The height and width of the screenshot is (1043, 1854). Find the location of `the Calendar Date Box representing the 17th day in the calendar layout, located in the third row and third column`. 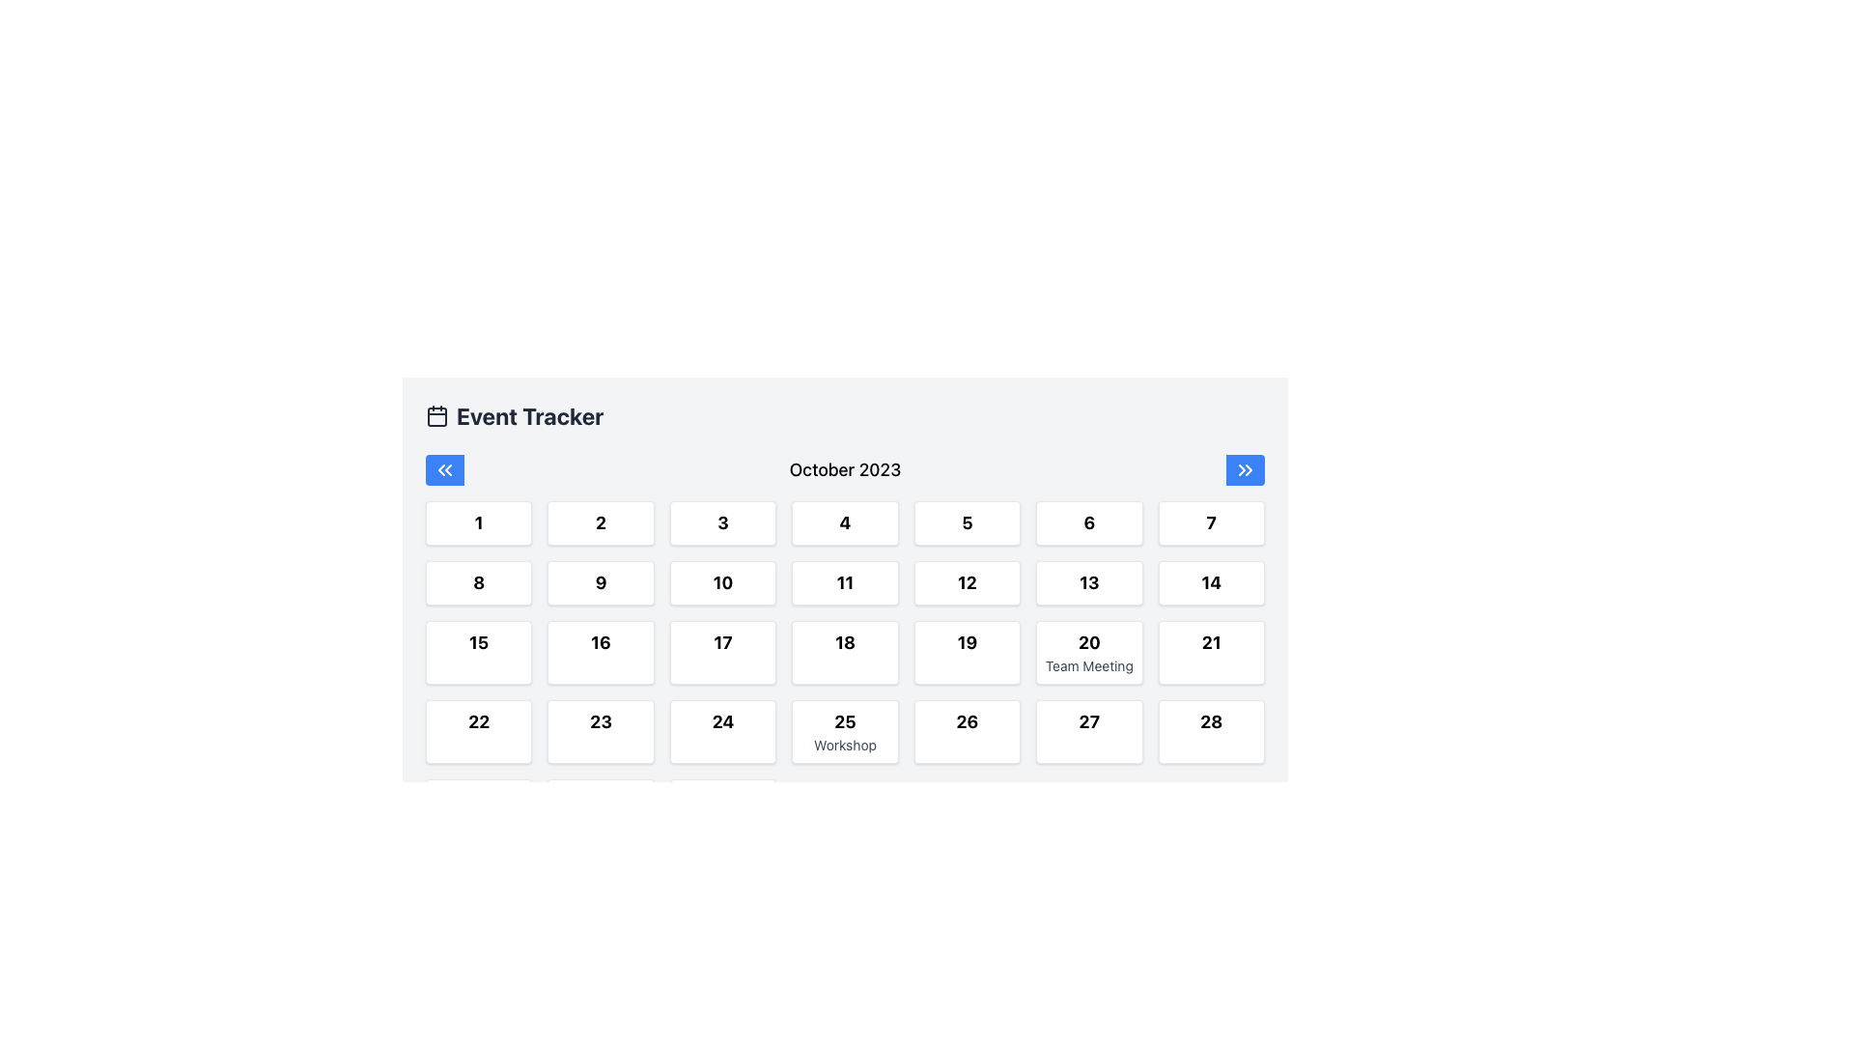

the Calendar Date Box representing the 17th day in the calendar layout, located in the third row and third column is located at coordinates (721, 652).